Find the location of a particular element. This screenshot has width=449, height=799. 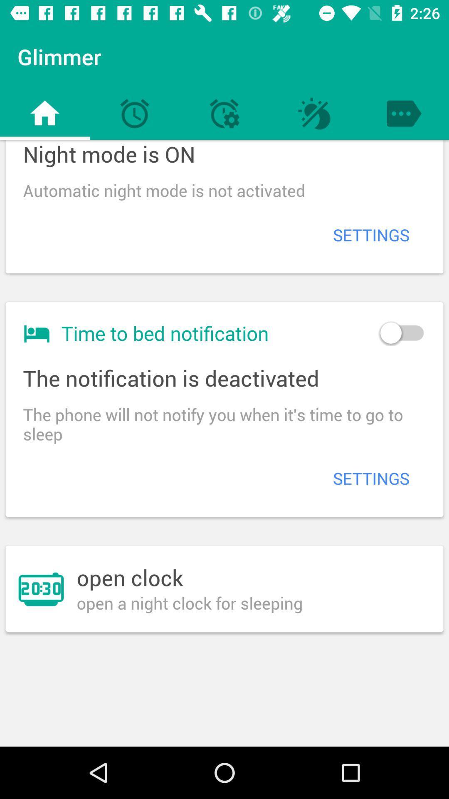

the item below settings item is located at coordinates (401, 333).